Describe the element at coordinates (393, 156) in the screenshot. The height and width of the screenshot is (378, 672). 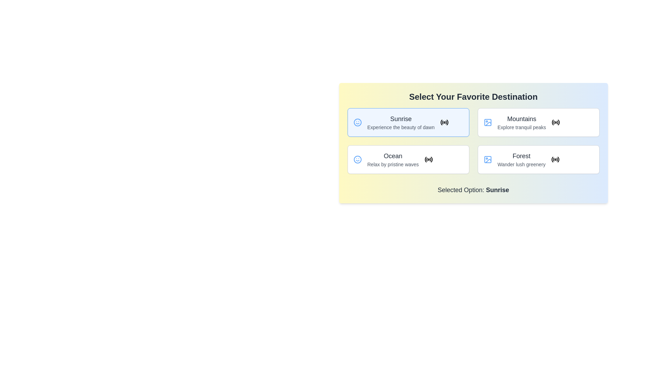
I see `text label 'Ocean' displayed in bold font, located in the second button of the left column in the grid layout` at that location.